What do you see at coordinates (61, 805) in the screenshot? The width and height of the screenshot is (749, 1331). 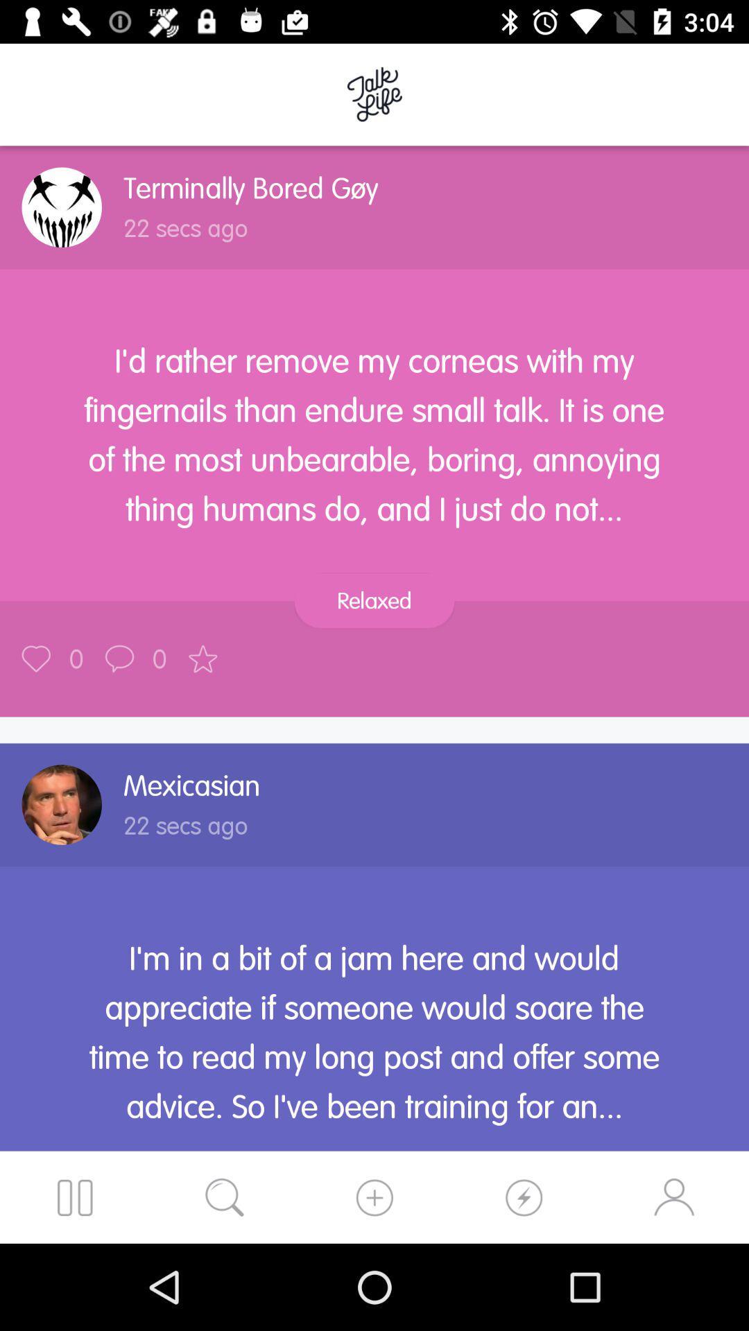 I see `profile` at bounding box center [61, 805].